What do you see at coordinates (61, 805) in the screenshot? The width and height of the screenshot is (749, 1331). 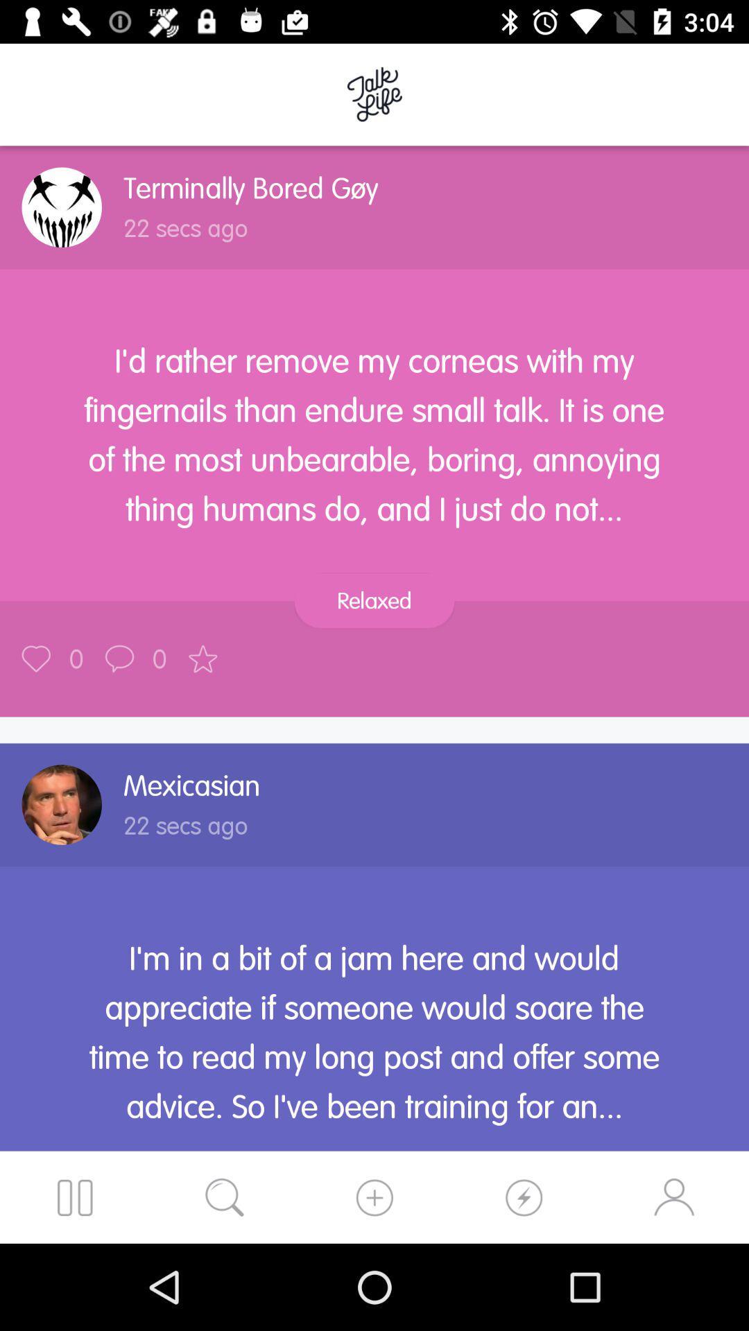 I see `profile` at bounding box center [61, 805].